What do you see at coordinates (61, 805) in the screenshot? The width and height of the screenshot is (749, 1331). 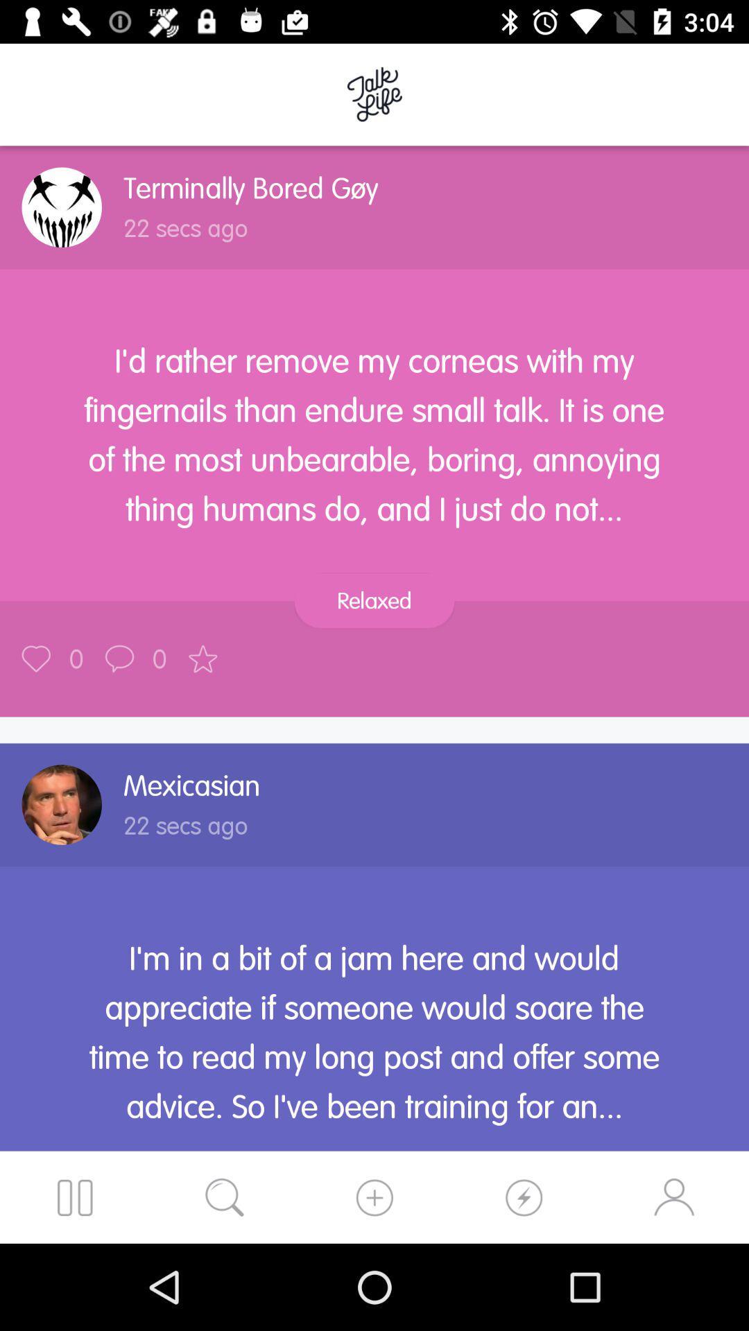 I see `profile` at bounding box center [61, 805].